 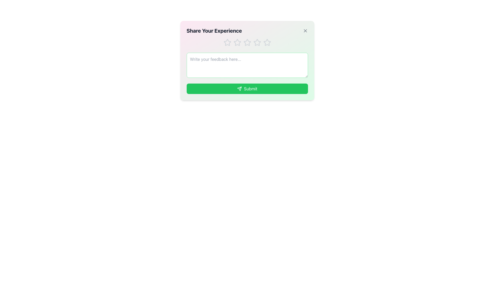 What do you see at coordinates (214, 31) in the screenshot?
I see `bold text header stating 'Share Your Experience' located at the top-left of the feedback modal` at bounding box center [214, 31].